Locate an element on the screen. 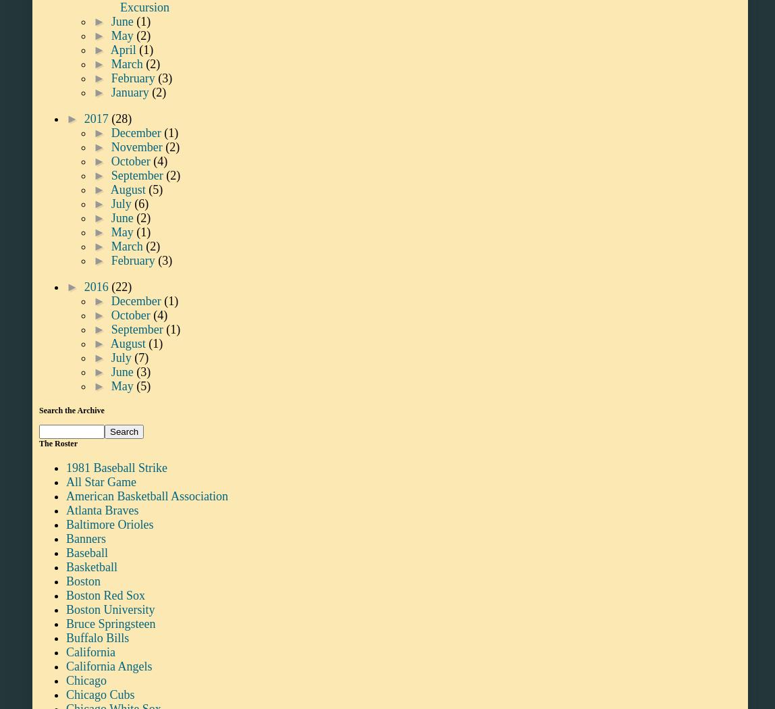 This screenshot has width=775, height=709. 'California Angels' is located at coordinates (109, 665).